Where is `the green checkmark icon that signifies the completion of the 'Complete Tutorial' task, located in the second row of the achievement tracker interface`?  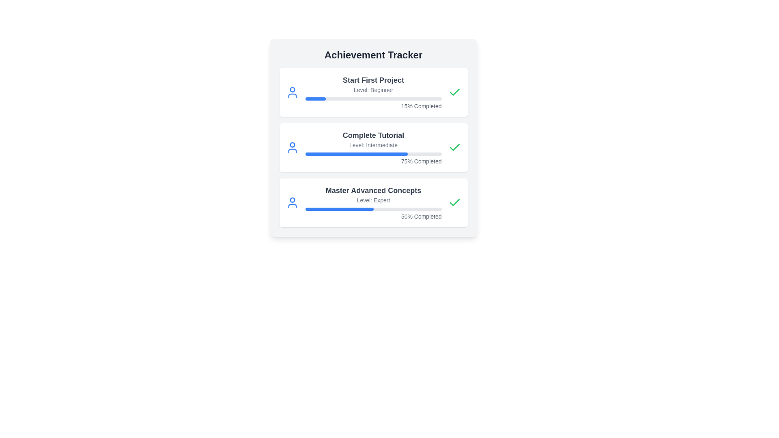
the green checkmark icon that signifies the completion of the 'Complete Tutorial' task, located in the second row of the achievement tracker interface is located at coordinates (454, 147).